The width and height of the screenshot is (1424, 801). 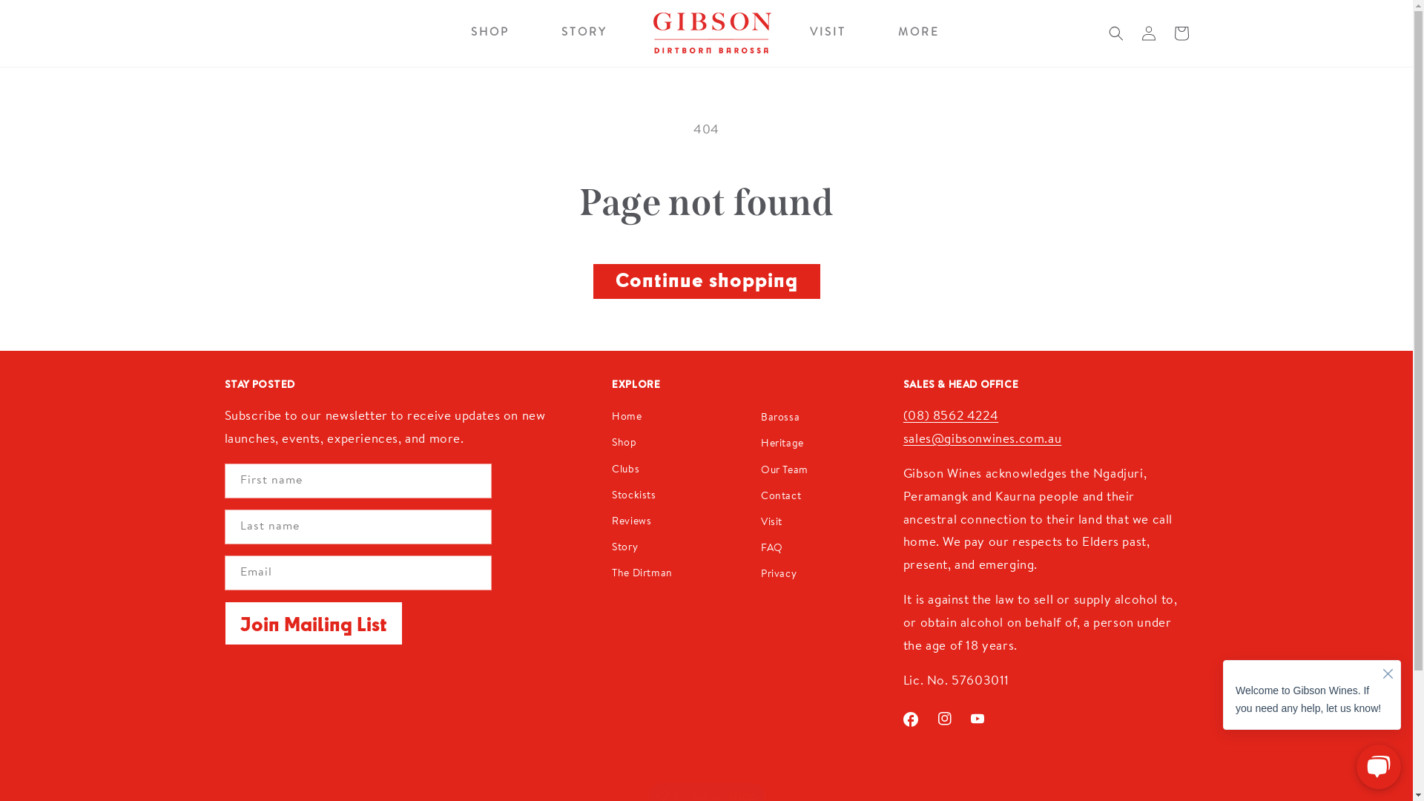 What do you see at coordinates (490, 33) in the screenshot?
I see `'SHOP'` at bounding box center [490, 33].